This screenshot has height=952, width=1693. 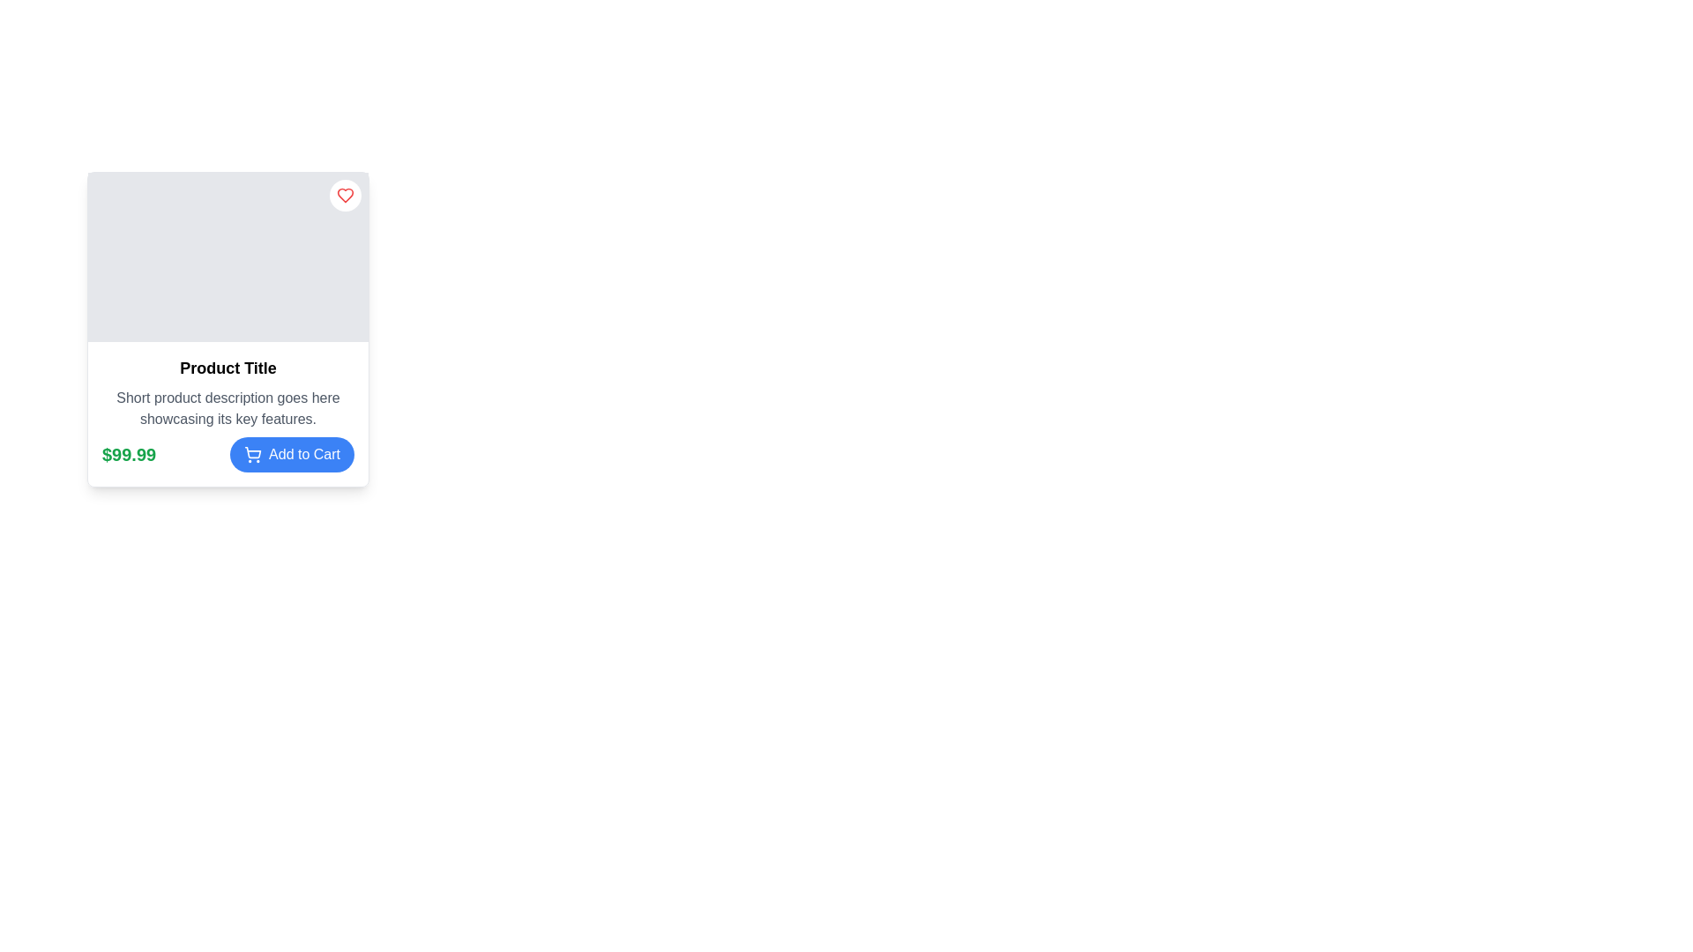 What do you see at coordinates (128, 454) in the screenshot?
I see `price label displaying '$99.99' which is bold, large, and green, positioned on the left side beneath the product description and aligned with the 'Add to Cart' button` at bounding box center [128, 454].